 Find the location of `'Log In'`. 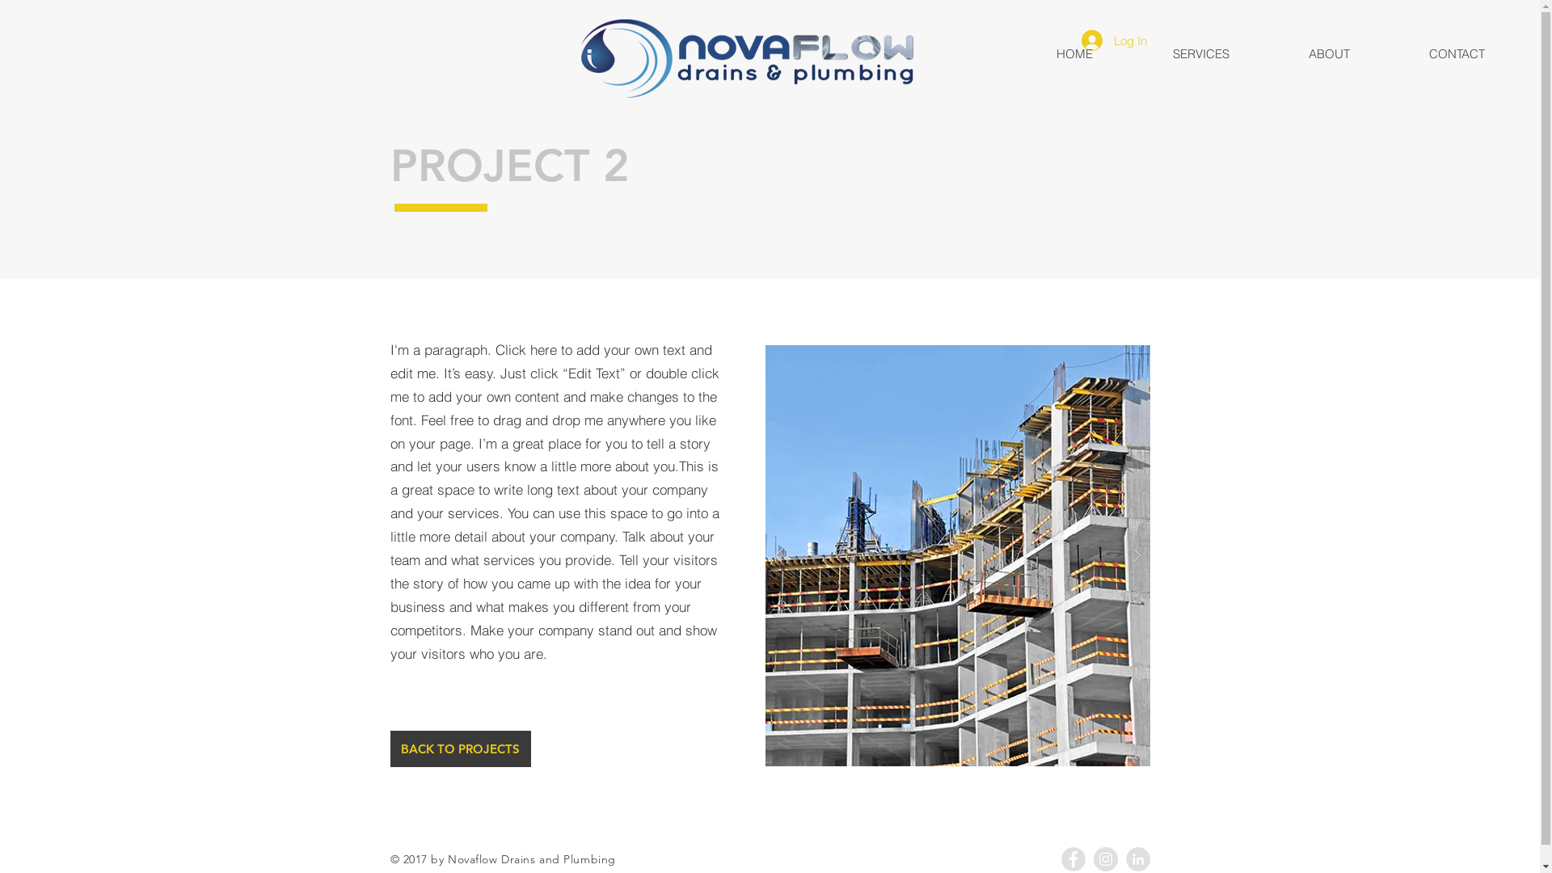

'Log In' is located at coordinates (1070, 40).